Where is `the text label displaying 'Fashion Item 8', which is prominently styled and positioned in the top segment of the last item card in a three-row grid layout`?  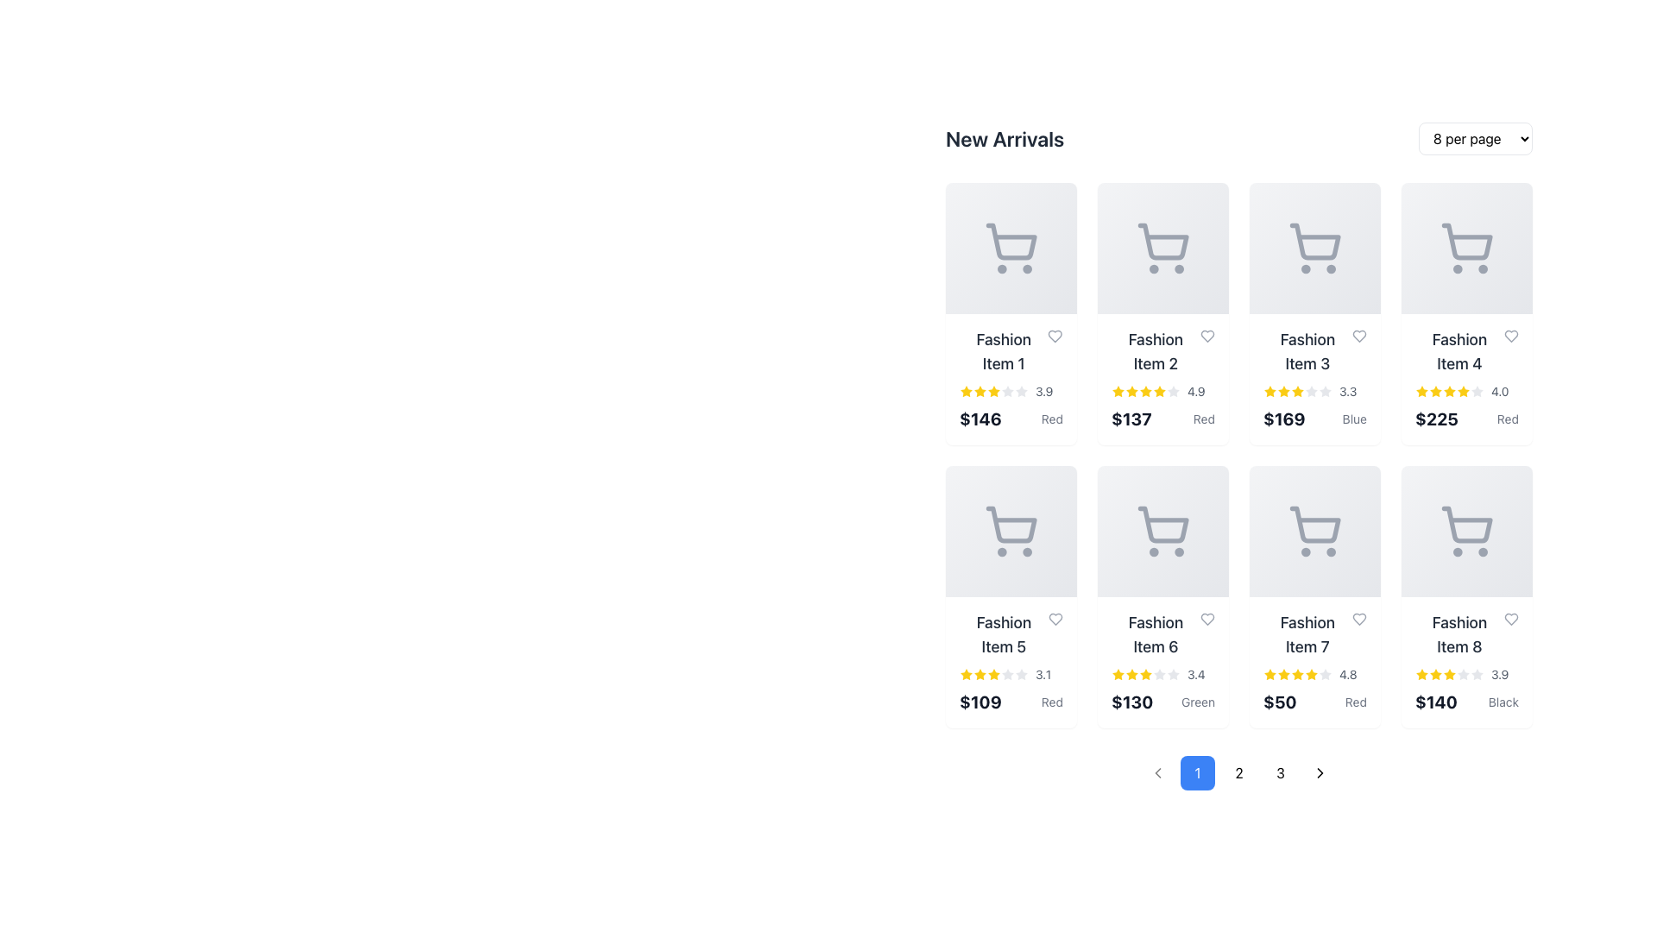 the text label displaying 'Fashion Item 8', which is prominently styled and positioned in the top segment of the last item card in a three-row grid layout is located at coordinates (1465, 635).